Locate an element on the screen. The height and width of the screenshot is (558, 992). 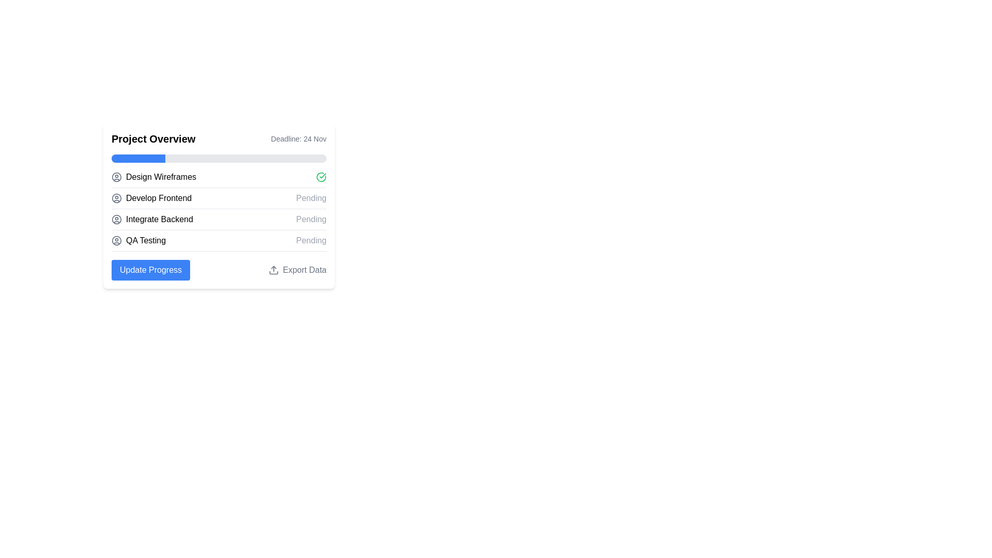
the icon representing the user associated with the 'QA Testing' task, located in the leftmost part of the entry labeled 'QA Testing' in the 'Project Overview' section is located at coordinates (116, 241).